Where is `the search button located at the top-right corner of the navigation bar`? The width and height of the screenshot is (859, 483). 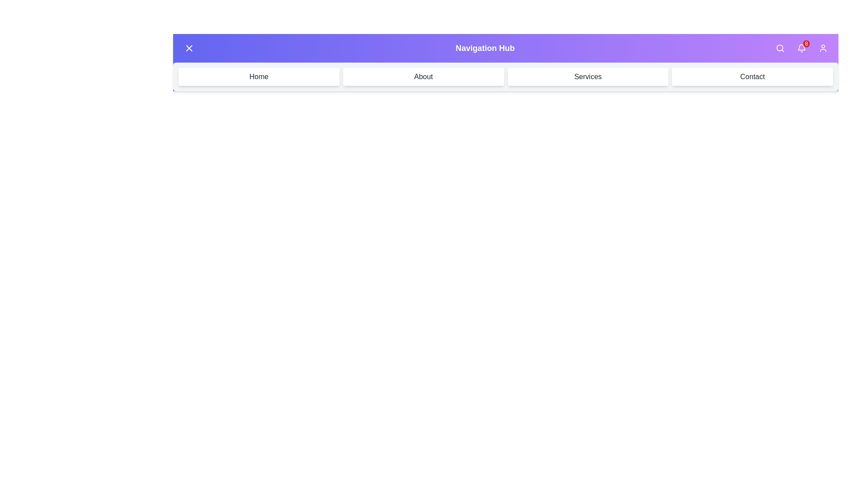
the search button located at the top-right corner of the navigation bar is located at coordinates (779, 48).